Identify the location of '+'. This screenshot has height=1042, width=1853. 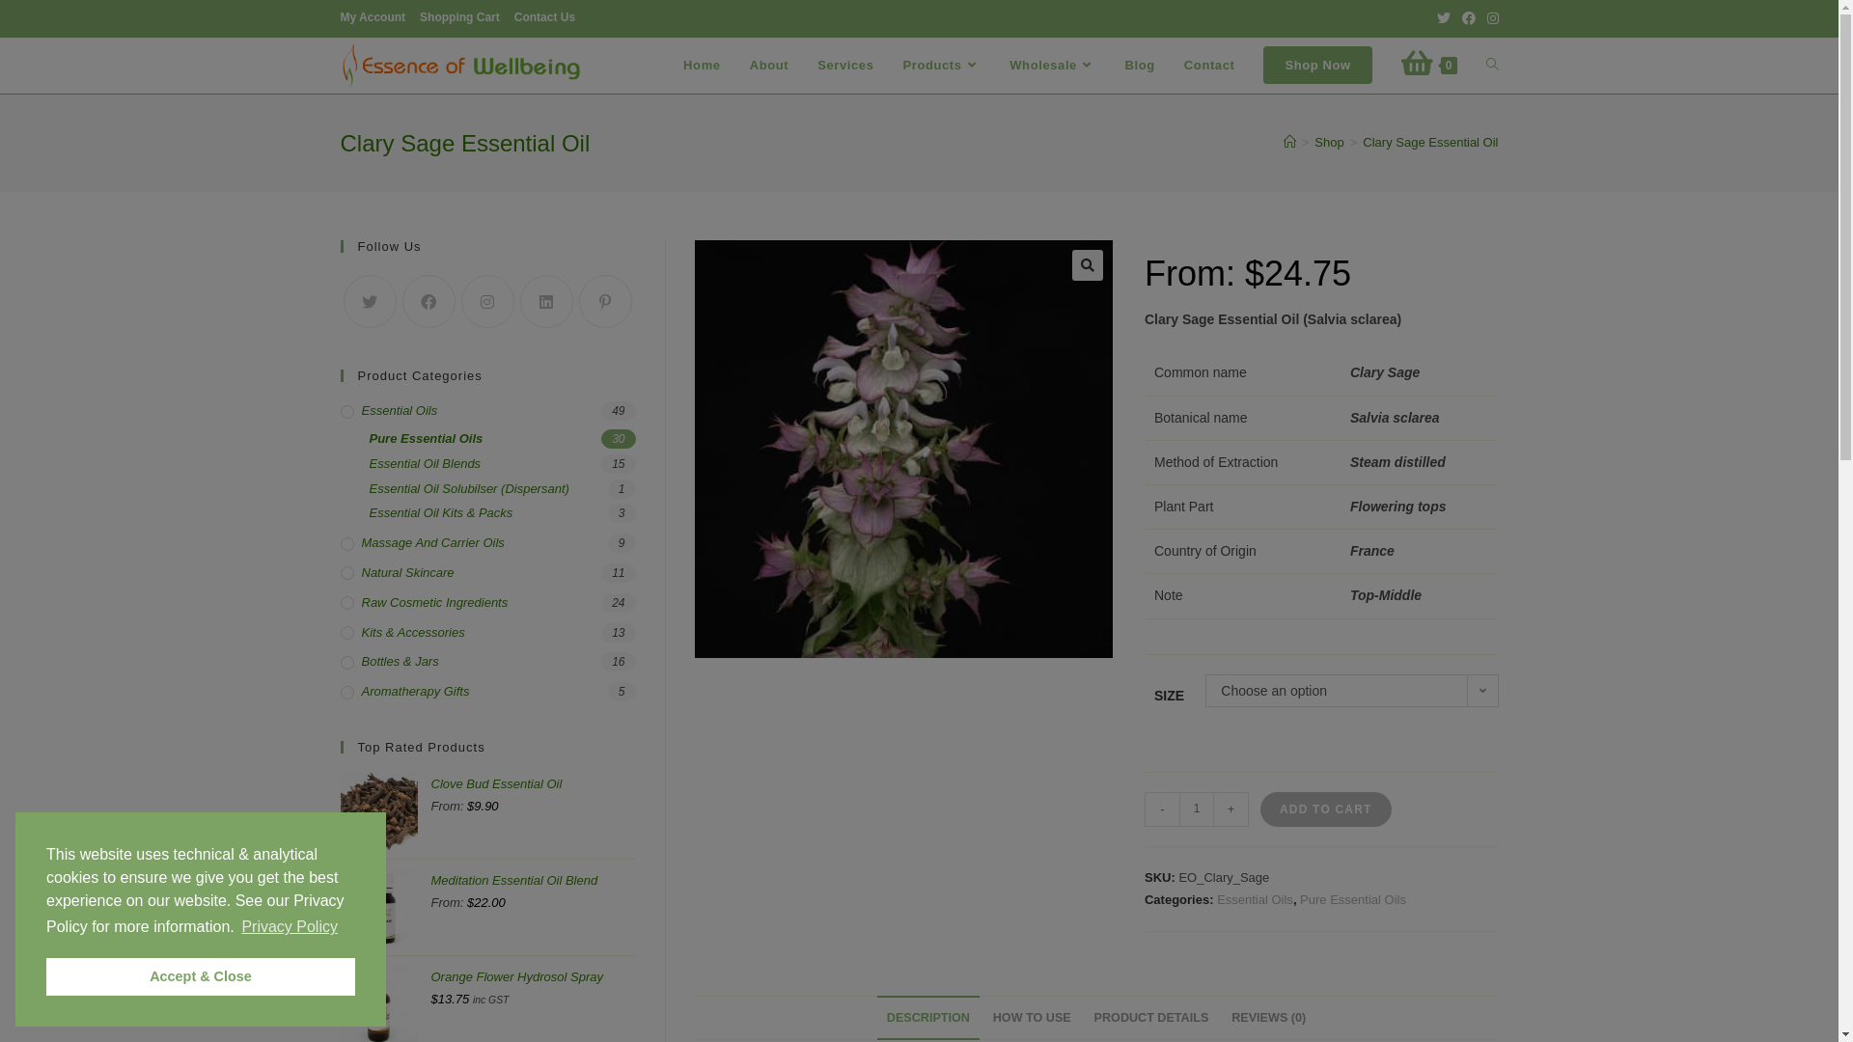
(1231, 809).